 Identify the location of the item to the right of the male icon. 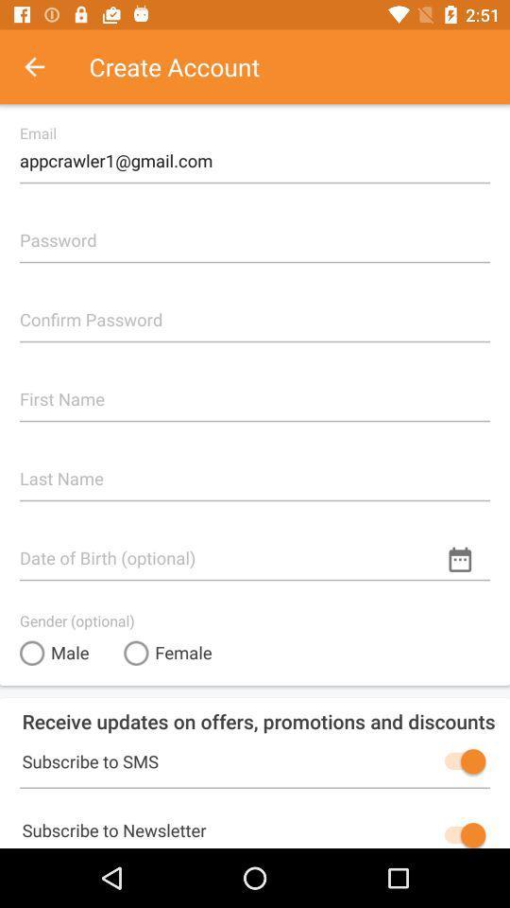
(167, 653).